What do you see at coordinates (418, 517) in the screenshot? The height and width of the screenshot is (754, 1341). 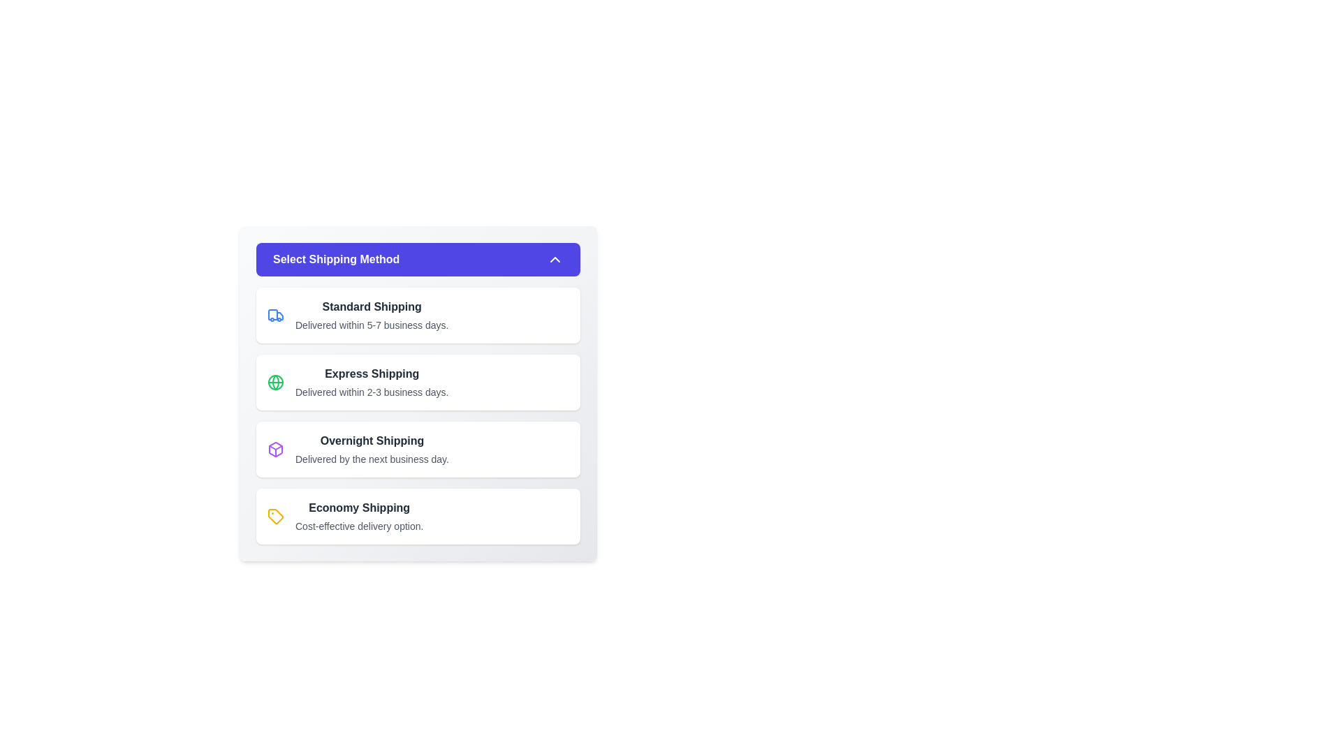 I see `the 'Economy Shipping' selectable card, which is the fourth card in the vertical list of shipping options` at bounding box center [418, 517].